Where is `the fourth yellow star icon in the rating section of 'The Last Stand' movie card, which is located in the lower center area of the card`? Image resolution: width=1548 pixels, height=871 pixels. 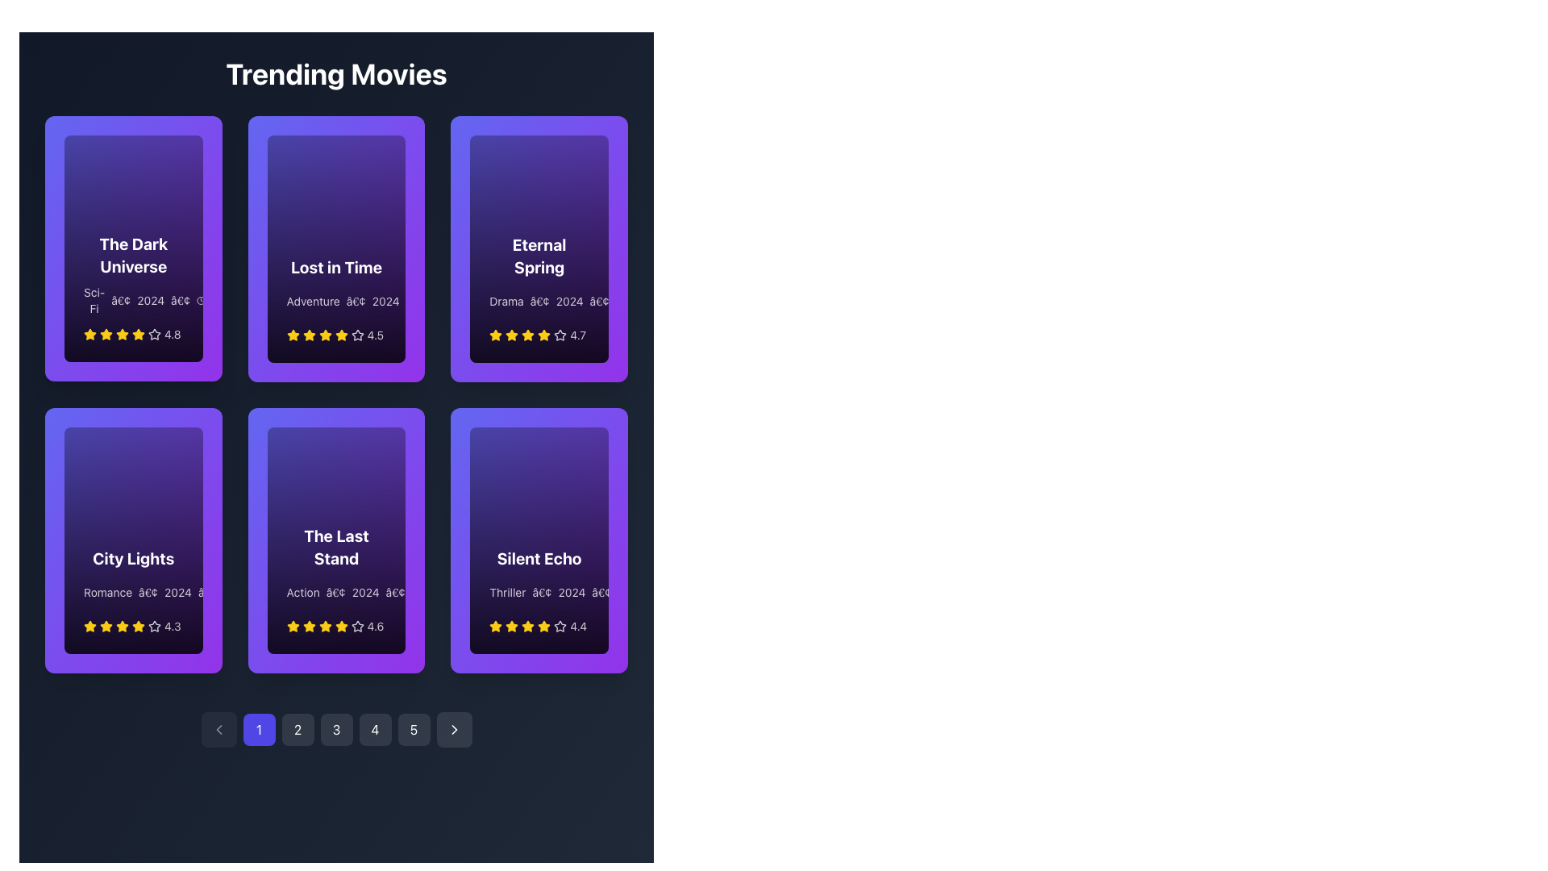 the fourth yellow star icon in the rating section of 'The Last Stand' movie card, which is located in the lower center area of the card is located at coordinates (340, 625).